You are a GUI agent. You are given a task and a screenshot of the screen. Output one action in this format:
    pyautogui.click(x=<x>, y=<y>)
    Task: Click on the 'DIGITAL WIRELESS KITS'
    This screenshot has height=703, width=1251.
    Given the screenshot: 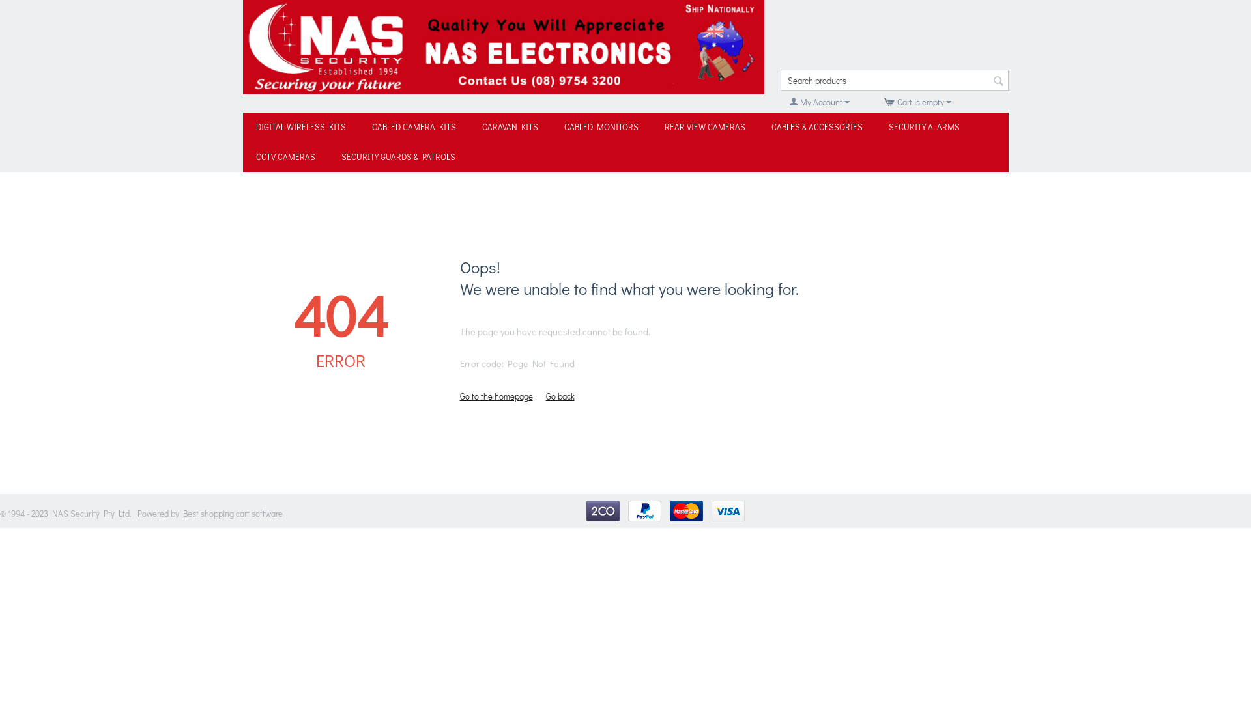 What is the action you would take?
    pyautogui.click(x=299, y=128)
    